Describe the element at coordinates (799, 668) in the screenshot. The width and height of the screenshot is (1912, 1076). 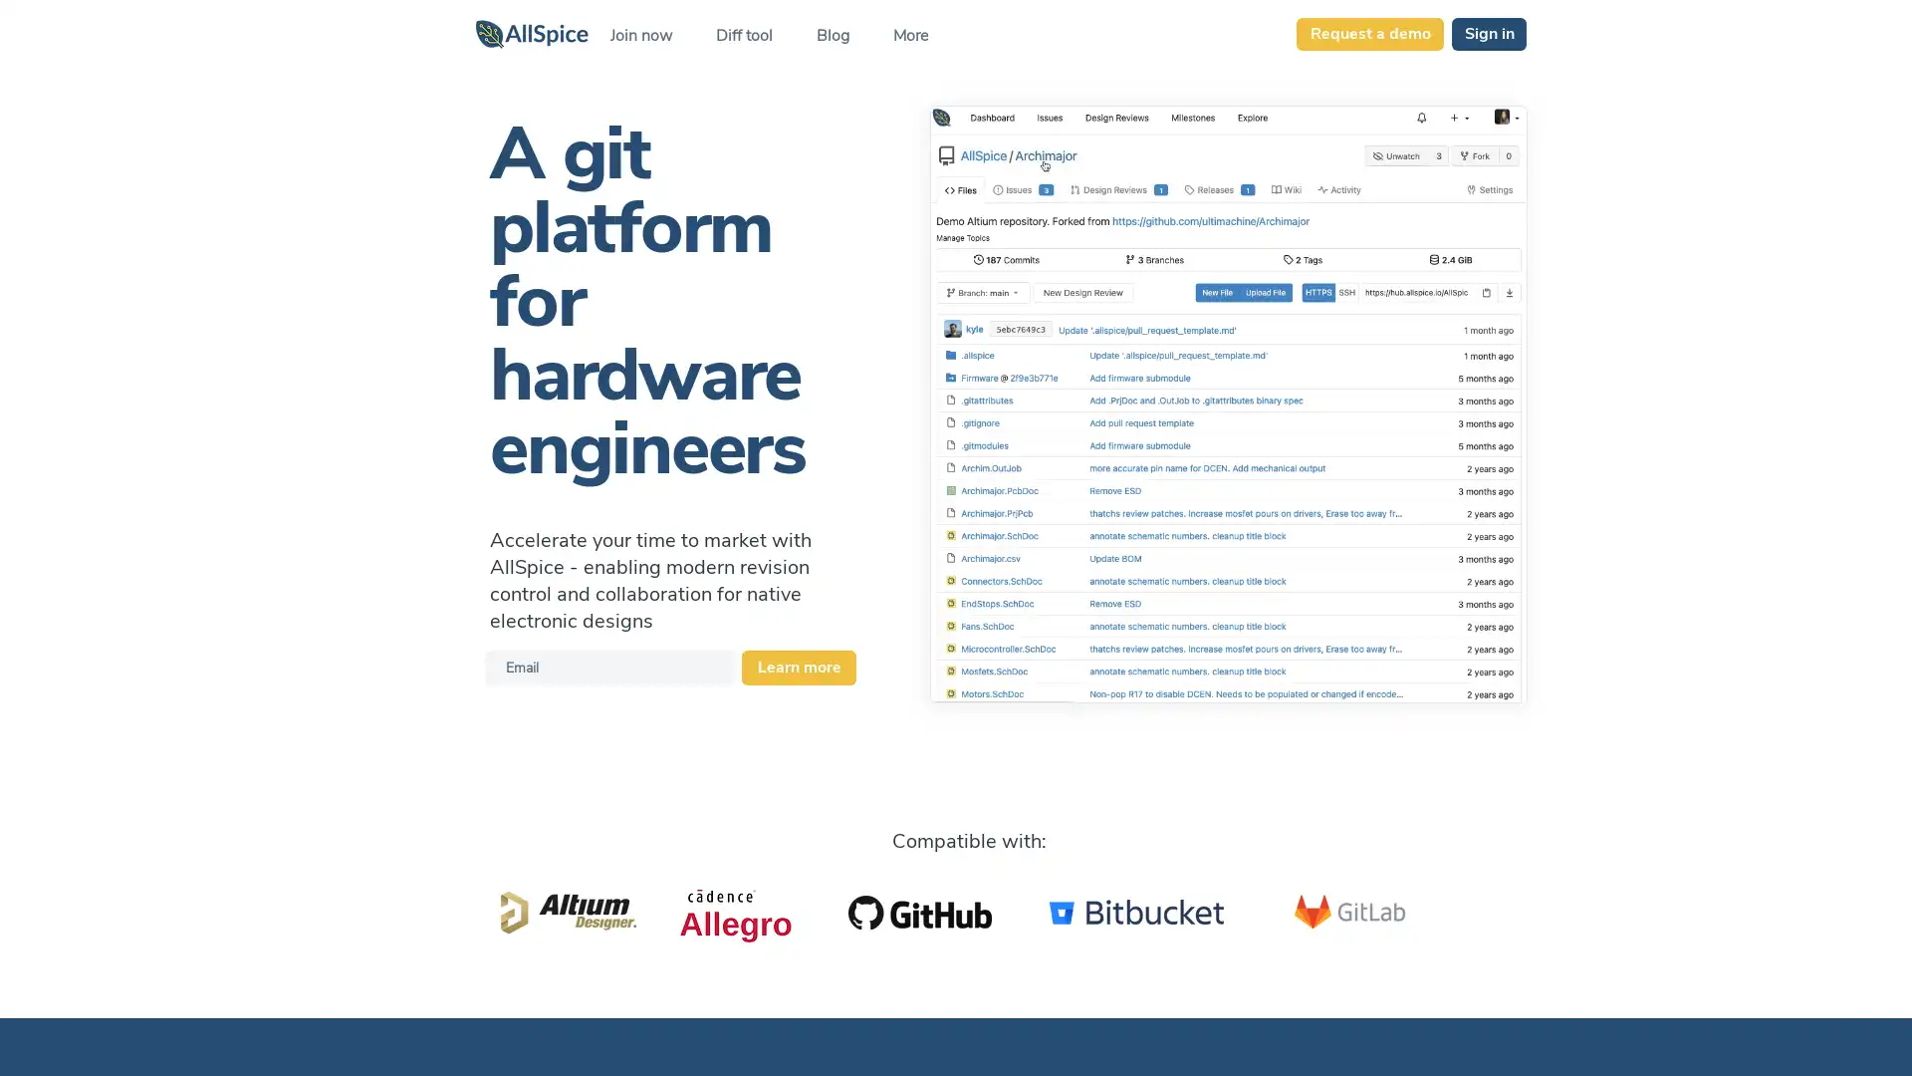
I see `Learn more` at that location.